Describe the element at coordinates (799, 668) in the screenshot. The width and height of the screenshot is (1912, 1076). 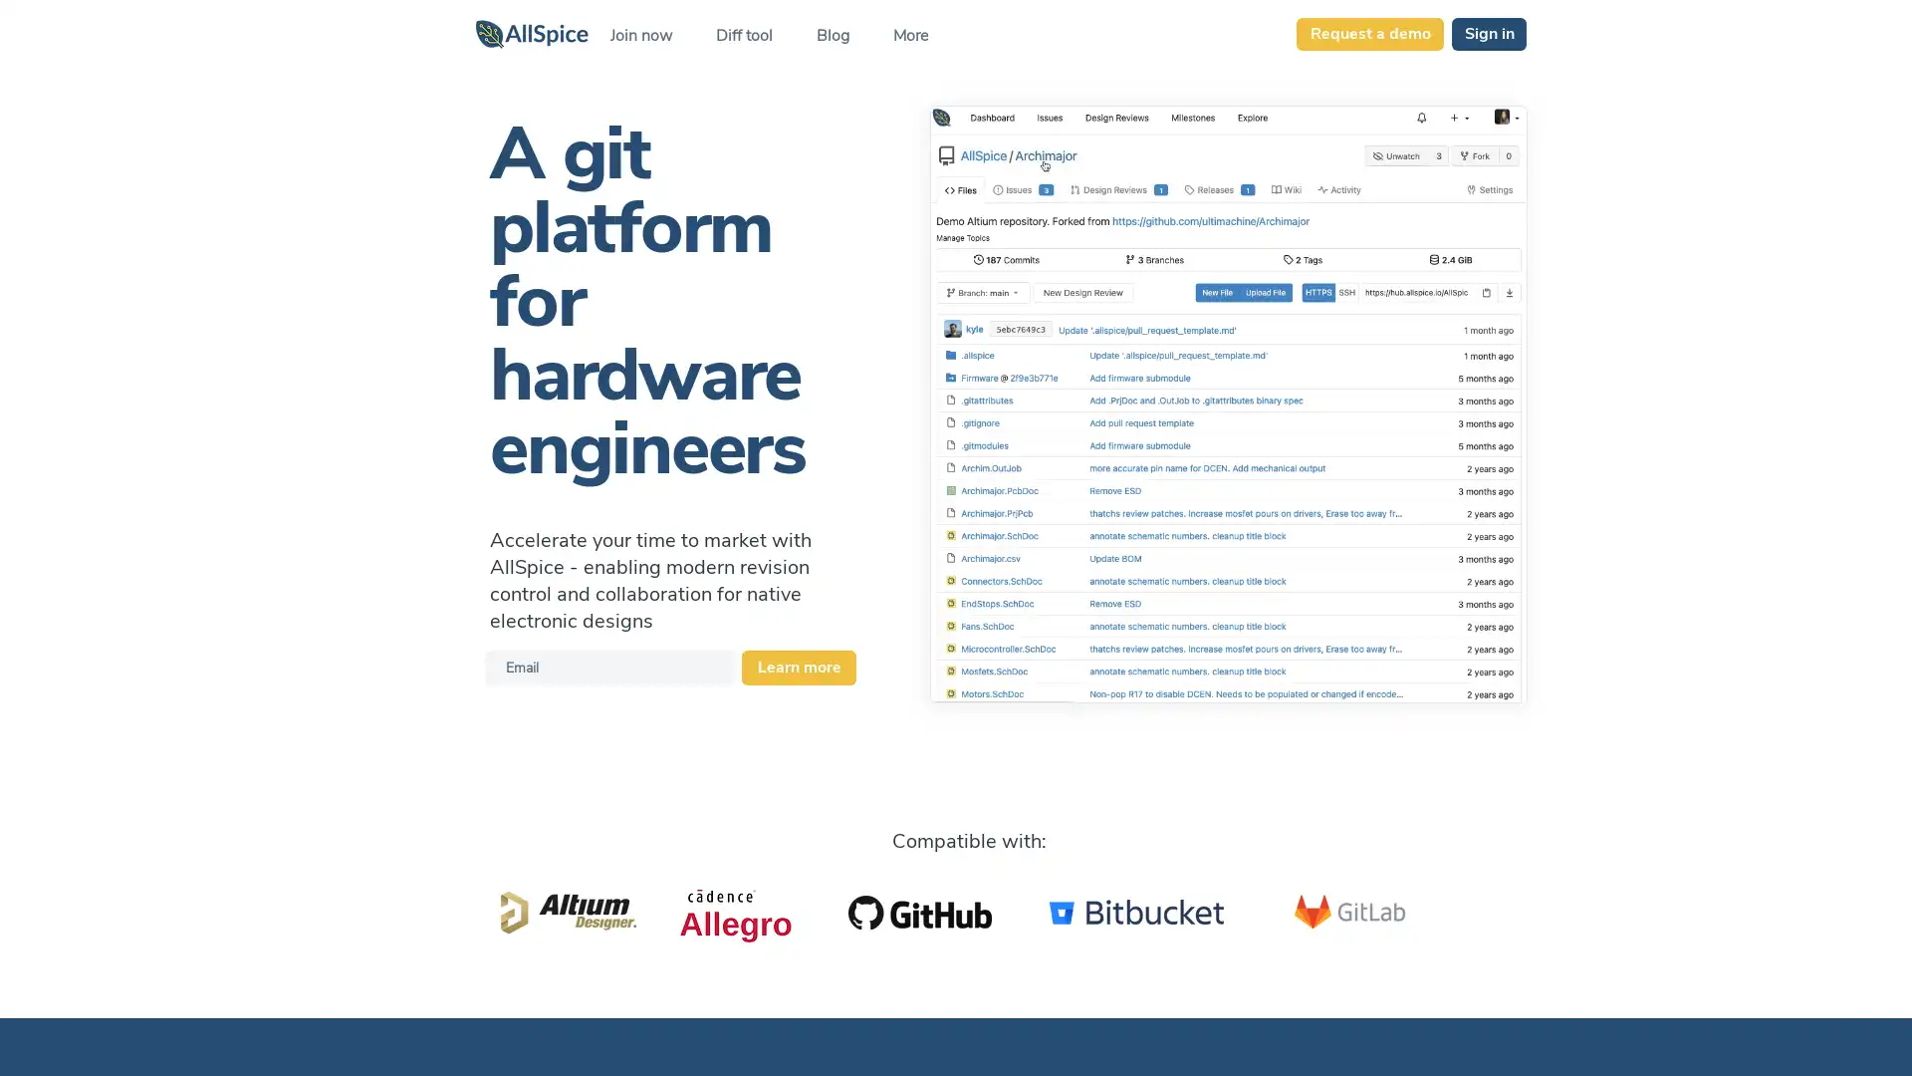
I see `Learn more` at that location.